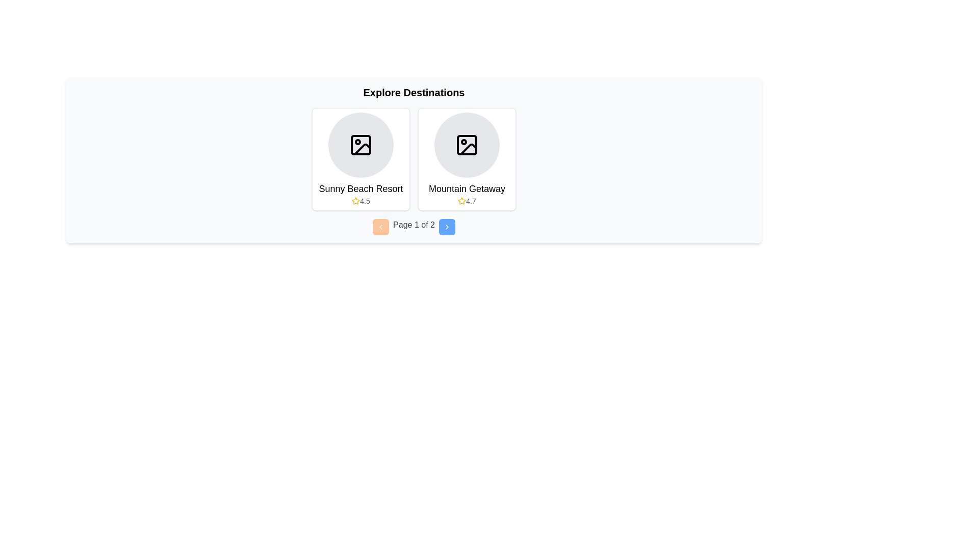  What do you see at coordinates (467, 188) in the screenshot?
I see `the text label that identifies the name of the corresponding destination, located at the lower portion of the second card in a horizontal row, positioned below the circular image placeholder` at bounding box center [467, 188].